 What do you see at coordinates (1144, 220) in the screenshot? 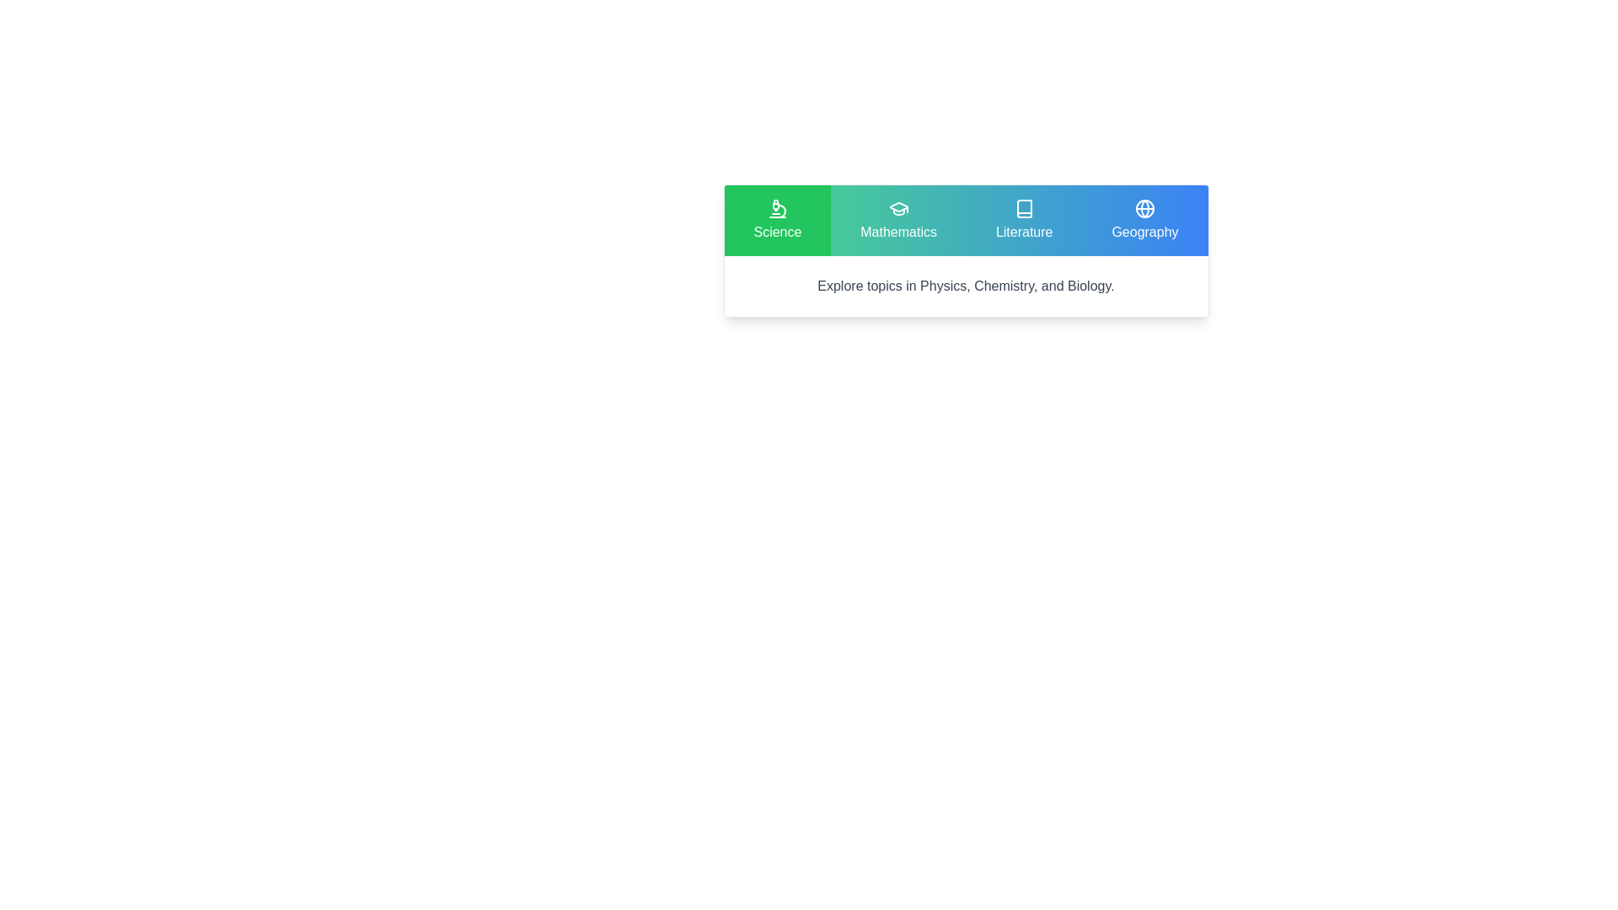
I see `the 'Geography' button` at bounding box center [1144, 220].